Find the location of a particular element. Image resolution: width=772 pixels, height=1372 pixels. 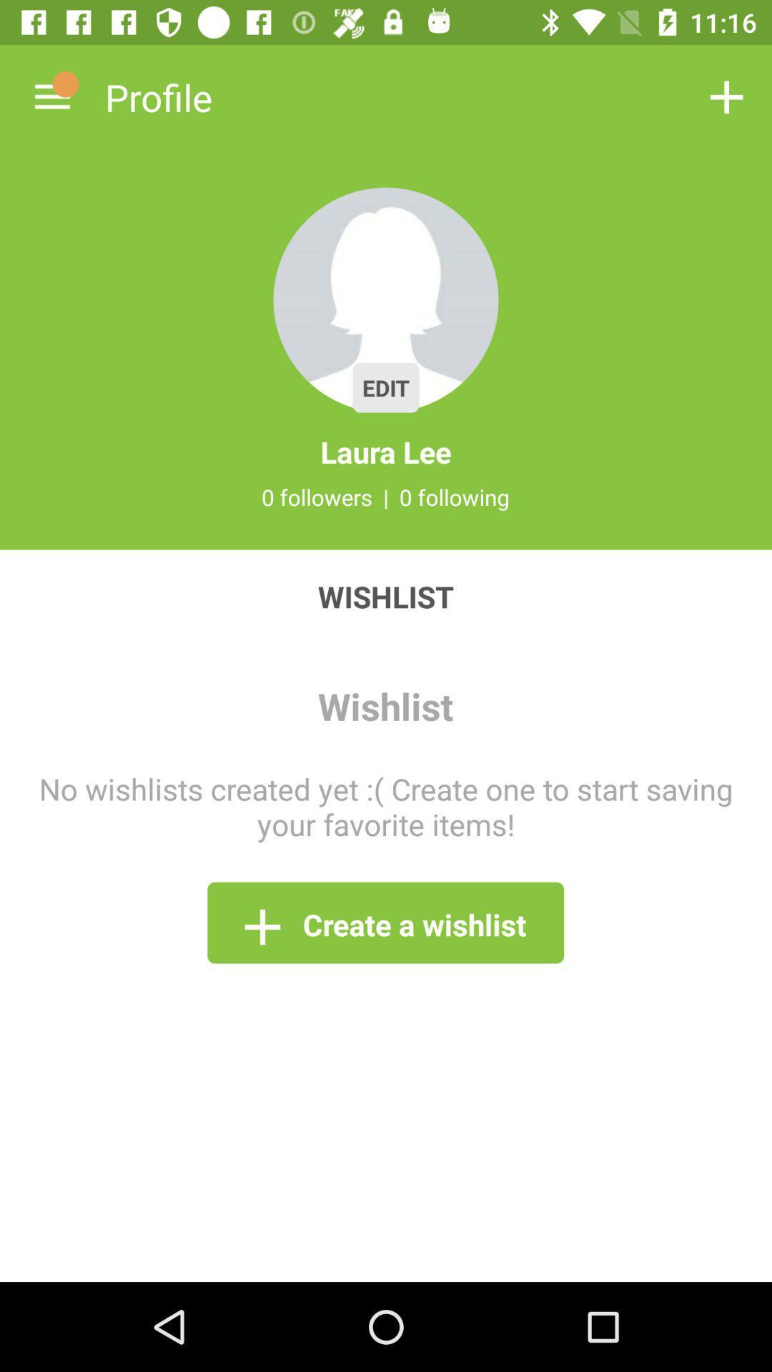

the item to the left of the   |   icon is located at coordinates (316, 497).